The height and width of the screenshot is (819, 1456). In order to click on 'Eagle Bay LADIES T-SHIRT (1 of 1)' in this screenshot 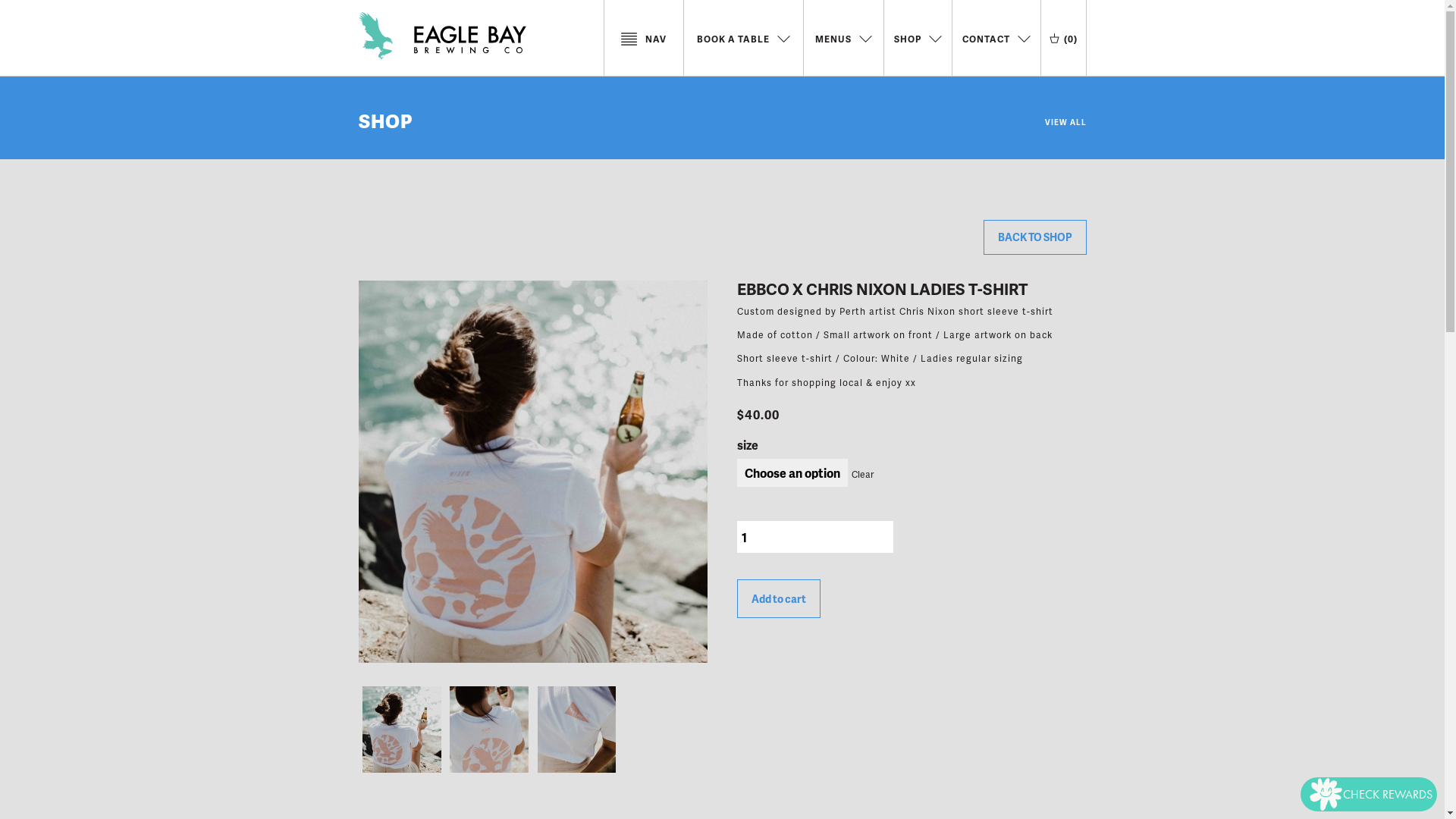, I will do `click(401, 728)`.